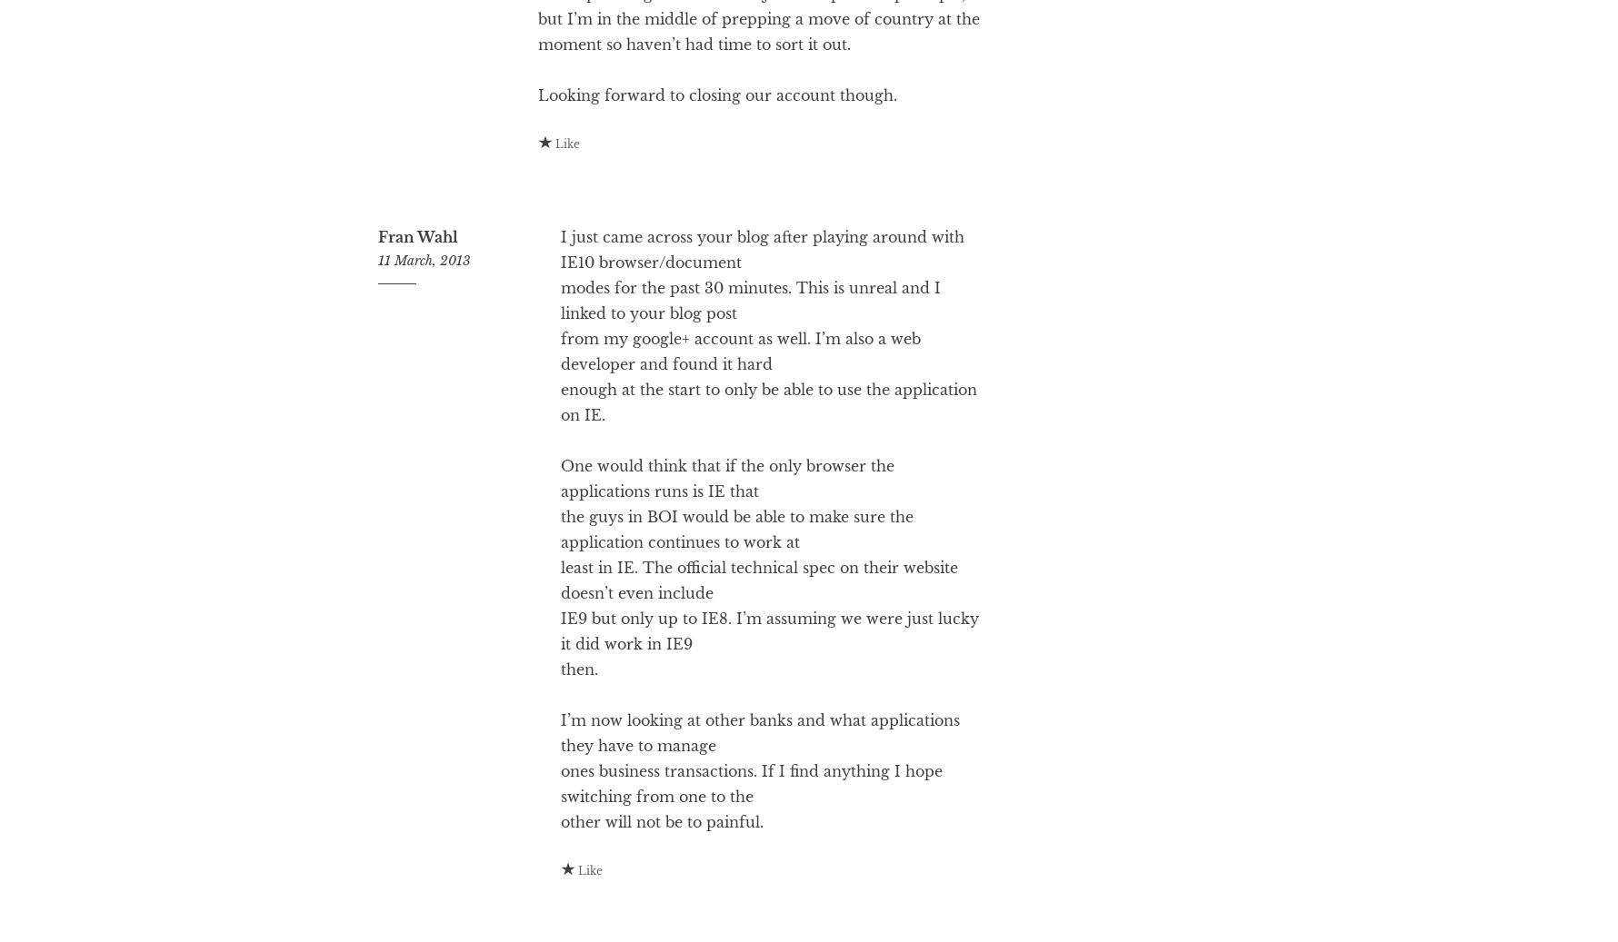  What do you see at coordinates (761, 321) in the screenshot?
I see `'I just came across your blog after playing around with IE10 browser/document'` at bounding box center [761, 321].